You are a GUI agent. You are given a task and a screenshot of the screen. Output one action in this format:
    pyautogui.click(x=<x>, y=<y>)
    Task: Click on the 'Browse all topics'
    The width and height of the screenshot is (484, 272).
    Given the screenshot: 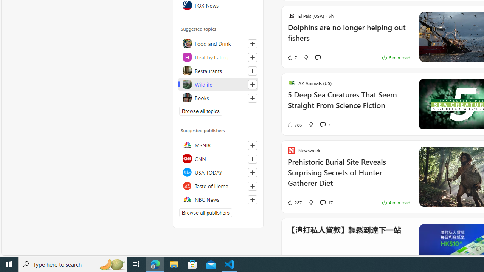 What is the action you would take?
    pyautogui.click(x=201, y=111)
    